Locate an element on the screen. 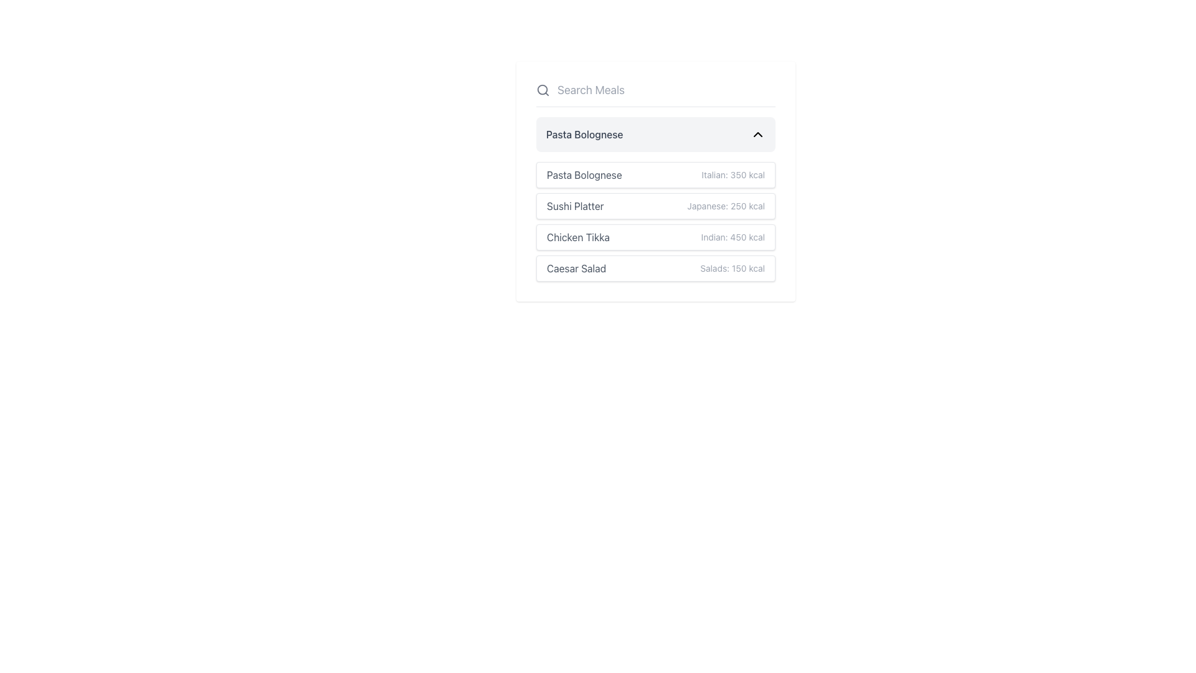 This screenshot has width=1196, height=673. the text label displaying 'Italian: 350 kcal', which is a supplementary information text aligned to the right side of the 'Pasta Bolognese' list item is located at coordinates (733, 175).